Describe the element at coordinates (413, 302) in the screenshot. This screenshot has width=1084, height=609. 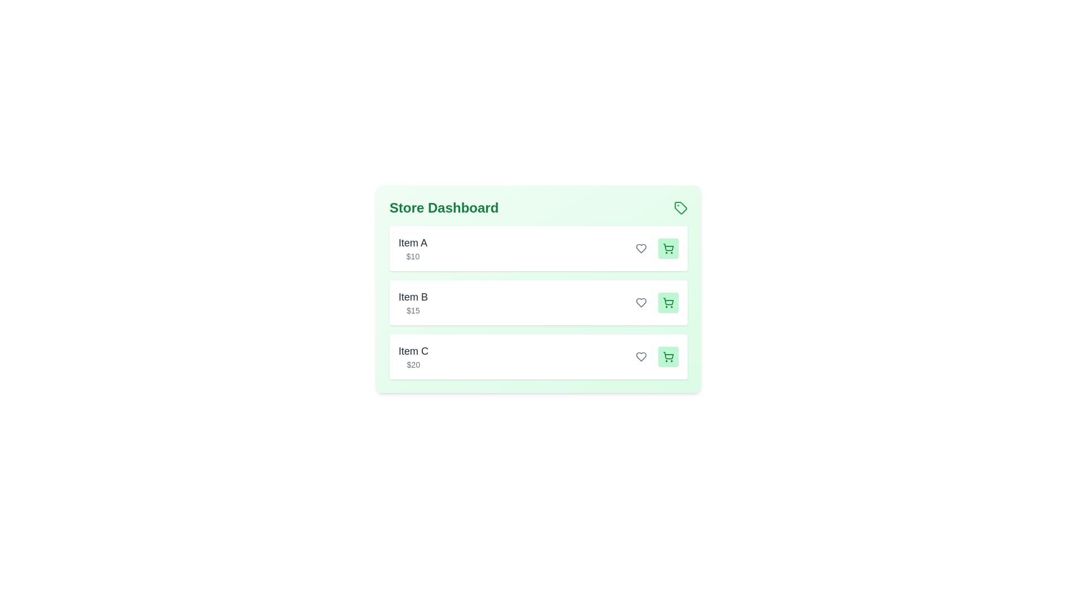
I see `text display containing the label 'Item B' and the price '$15', which is located in the second row of the item list within a card layout` at that location.